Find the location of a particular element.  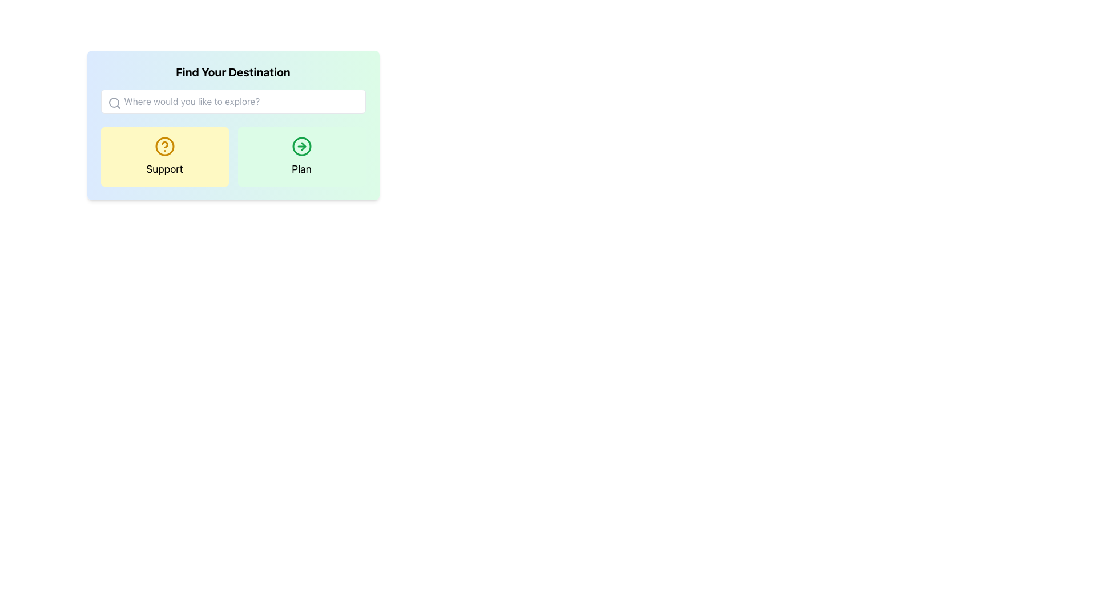

the text input field with placeholder text 'Where would you like is located at coordinates (232, 100).